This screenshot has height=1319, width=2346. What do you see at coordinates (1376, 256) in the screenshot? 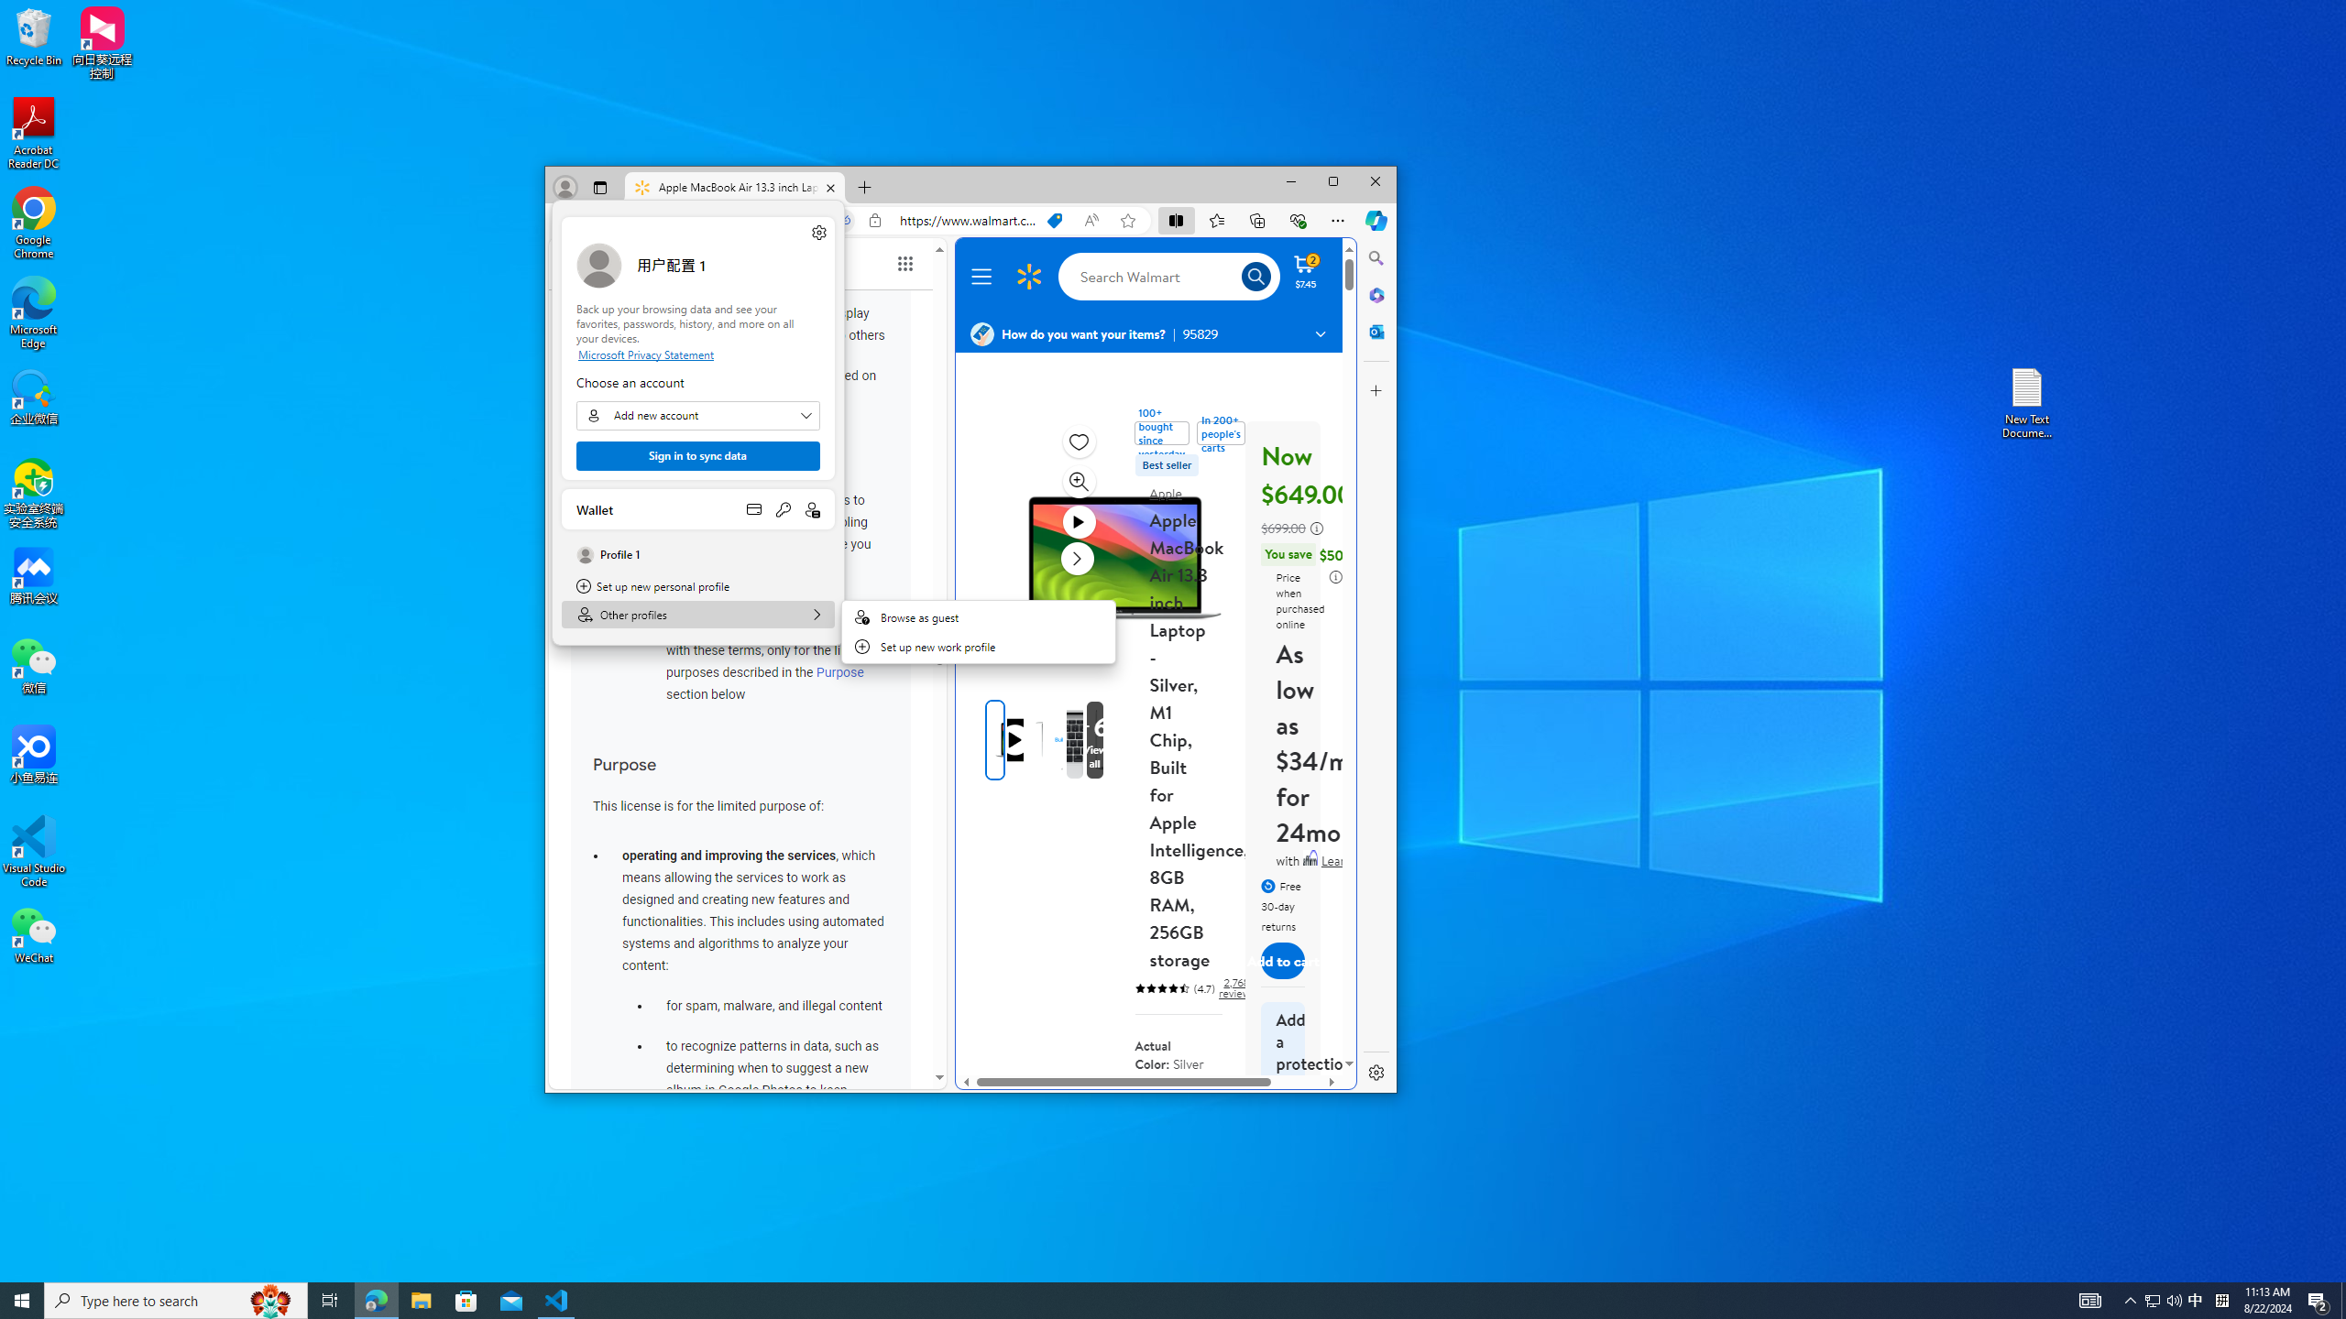
I see `'Close Search pane'` at bounding box center [1376, 256].